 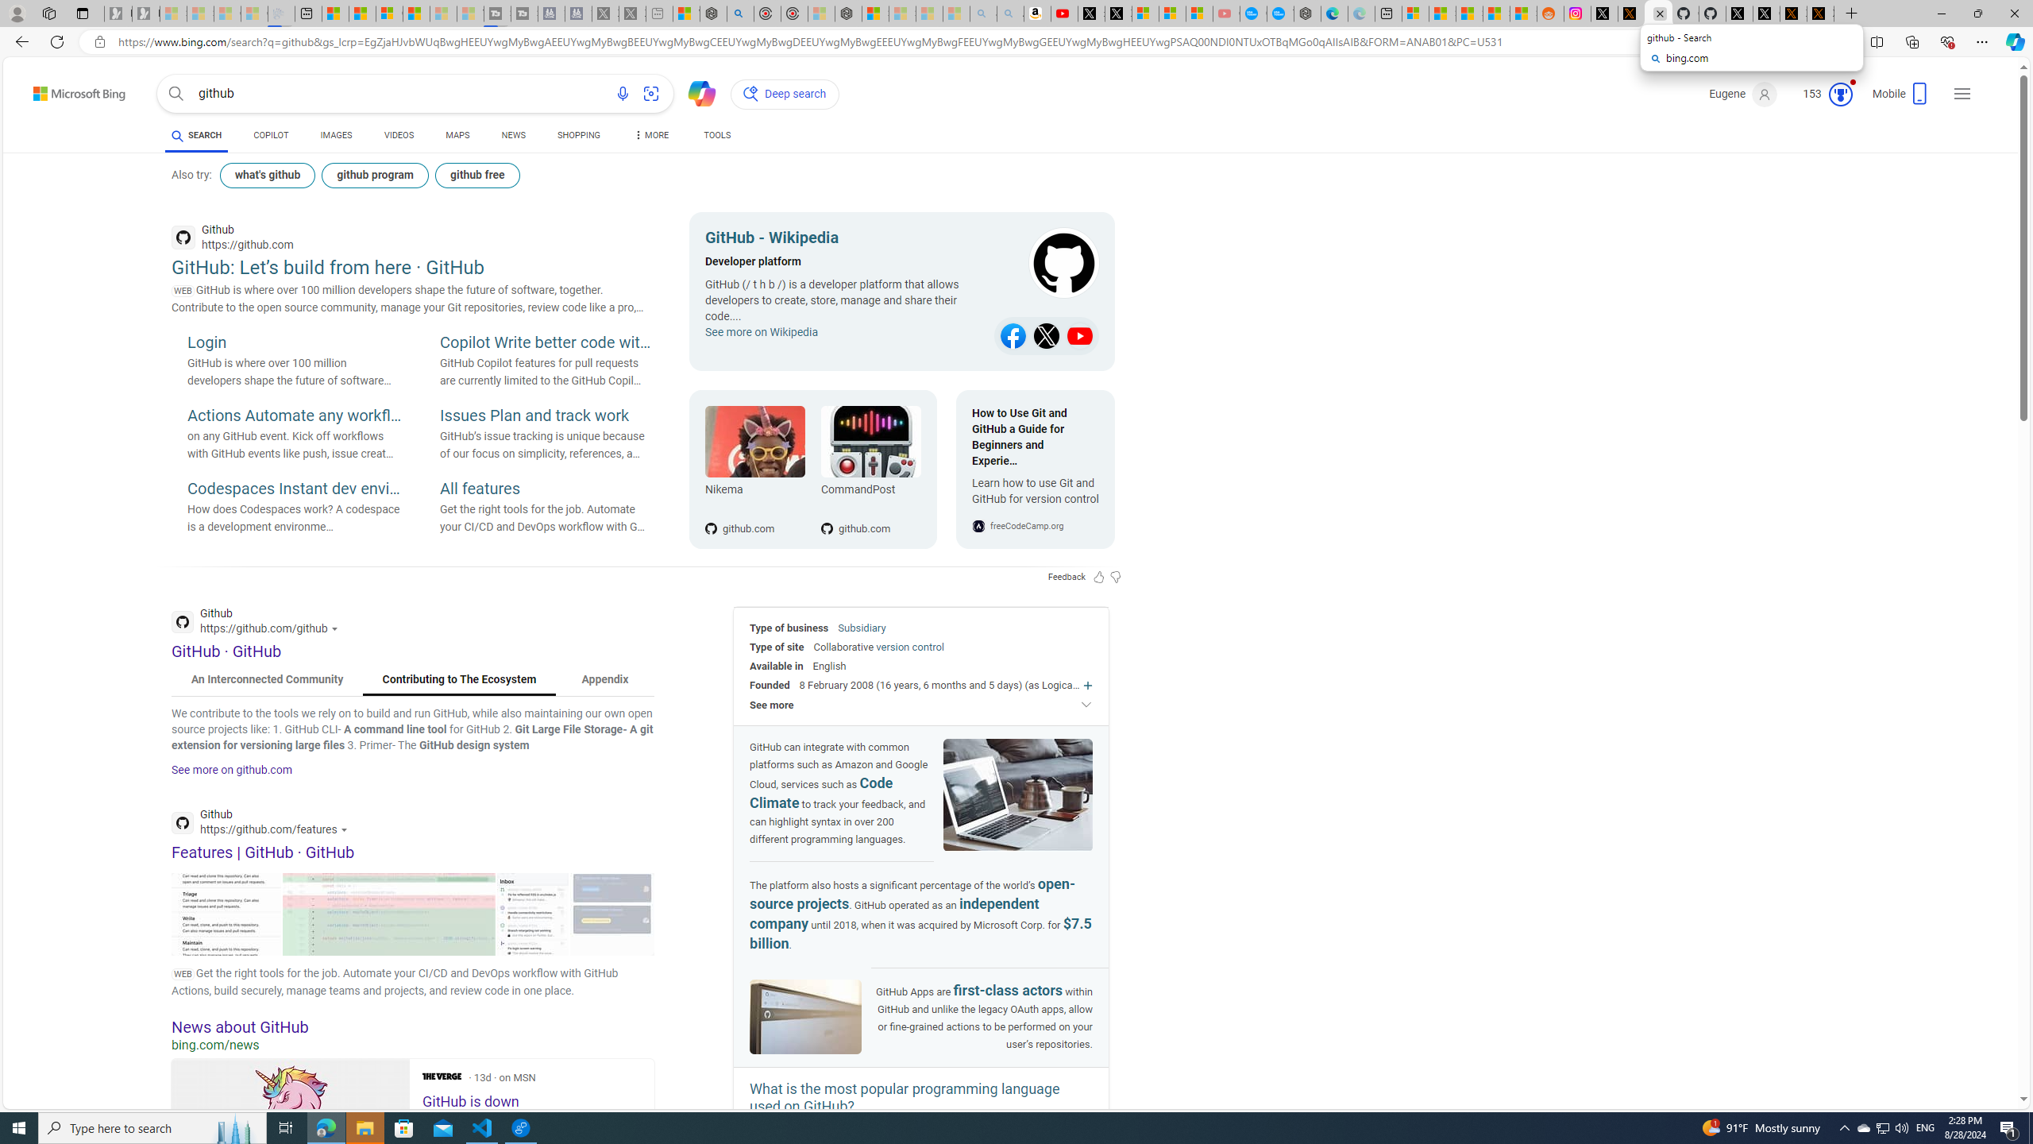 What do you see at coordinates (99, 42) in the screenshot?
I see `'View site information'` at bounding box center [99, 42].